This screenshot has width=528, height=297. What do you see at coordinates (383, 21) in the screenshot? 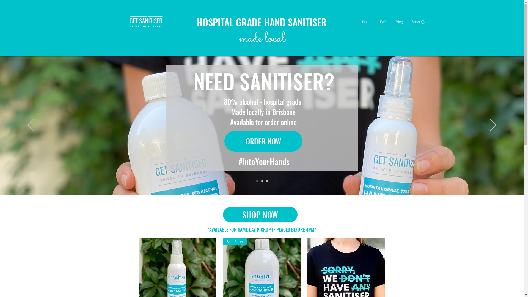
I see `'FAQ'` at bounding box center [383, 21].